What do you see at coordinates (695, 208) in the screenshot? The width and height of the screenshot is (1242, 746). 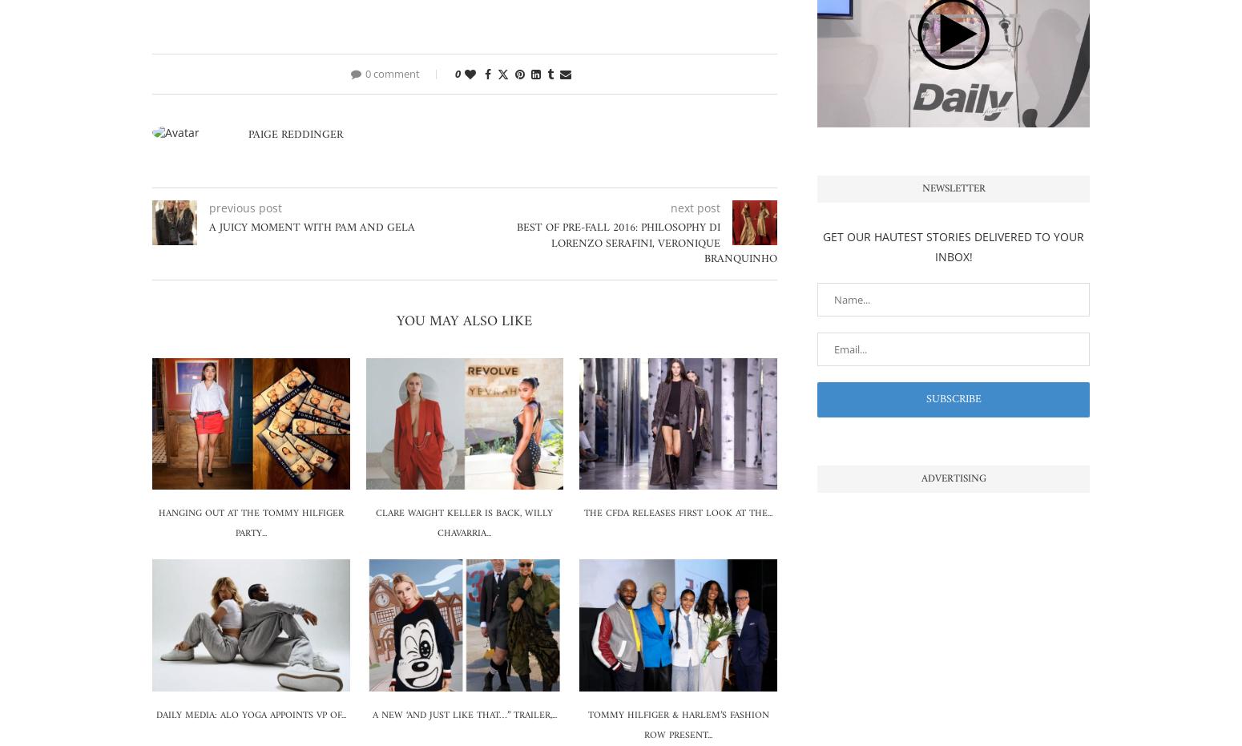 I see `'next post'` at bounding box center [695, 208].